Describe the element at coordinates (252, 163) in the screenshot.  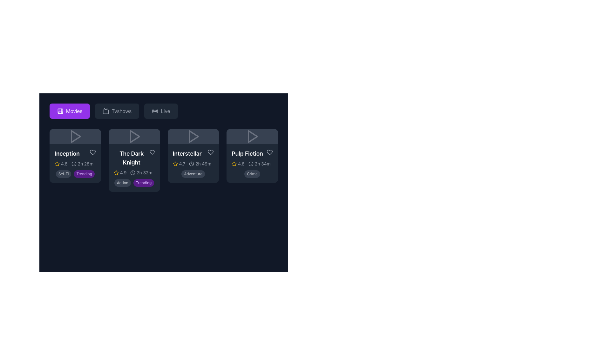
I see `to select the movie card displaying detailed information about 'Pulp Fiction', including its title, rating, duration, and genre, located within the fourth card of a horizontal list layout` at that location.